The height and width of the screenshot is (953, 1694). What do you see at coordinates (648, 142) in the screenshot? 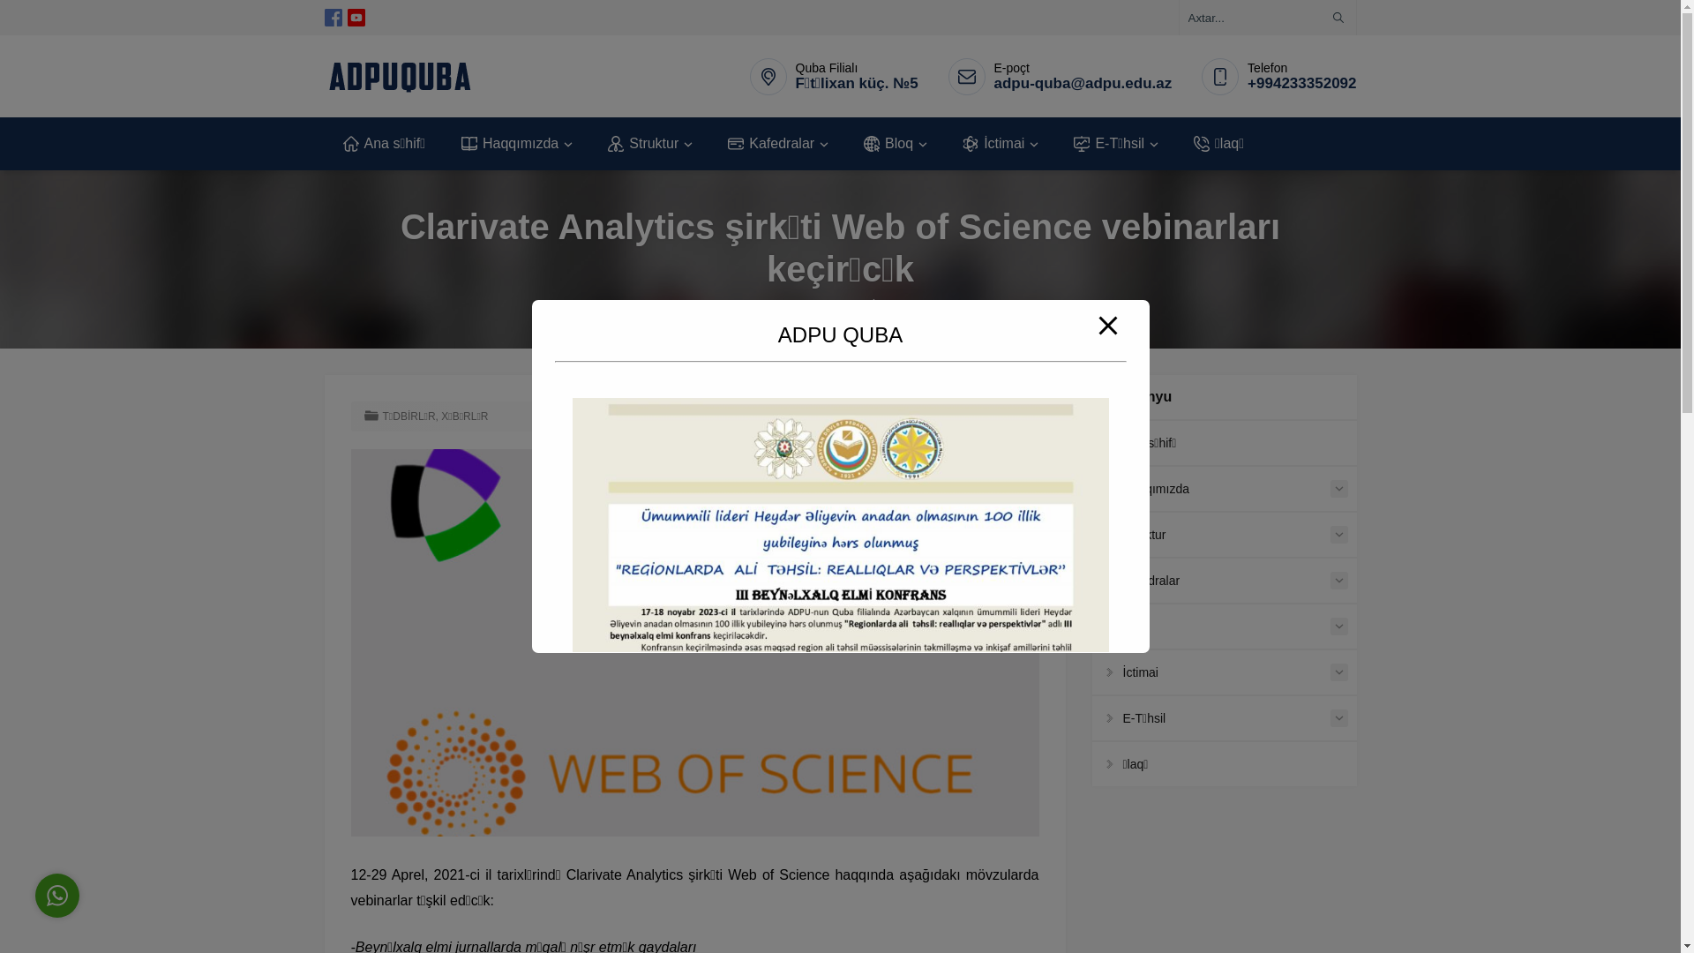
I see `'Struktur'` at bounding box center [648, 142].